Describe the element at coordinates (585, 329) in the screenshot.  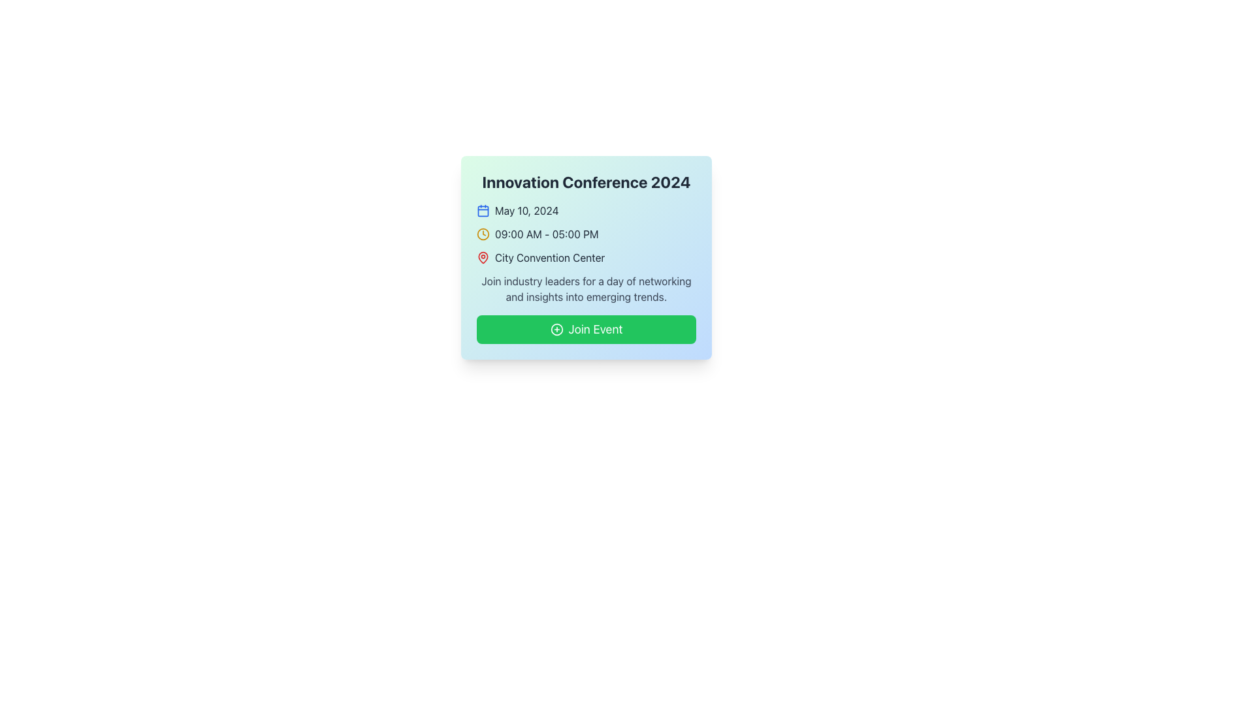
I see `the interactive button at the bottom of the 'Innovation Conference 2024' event section` at that location.